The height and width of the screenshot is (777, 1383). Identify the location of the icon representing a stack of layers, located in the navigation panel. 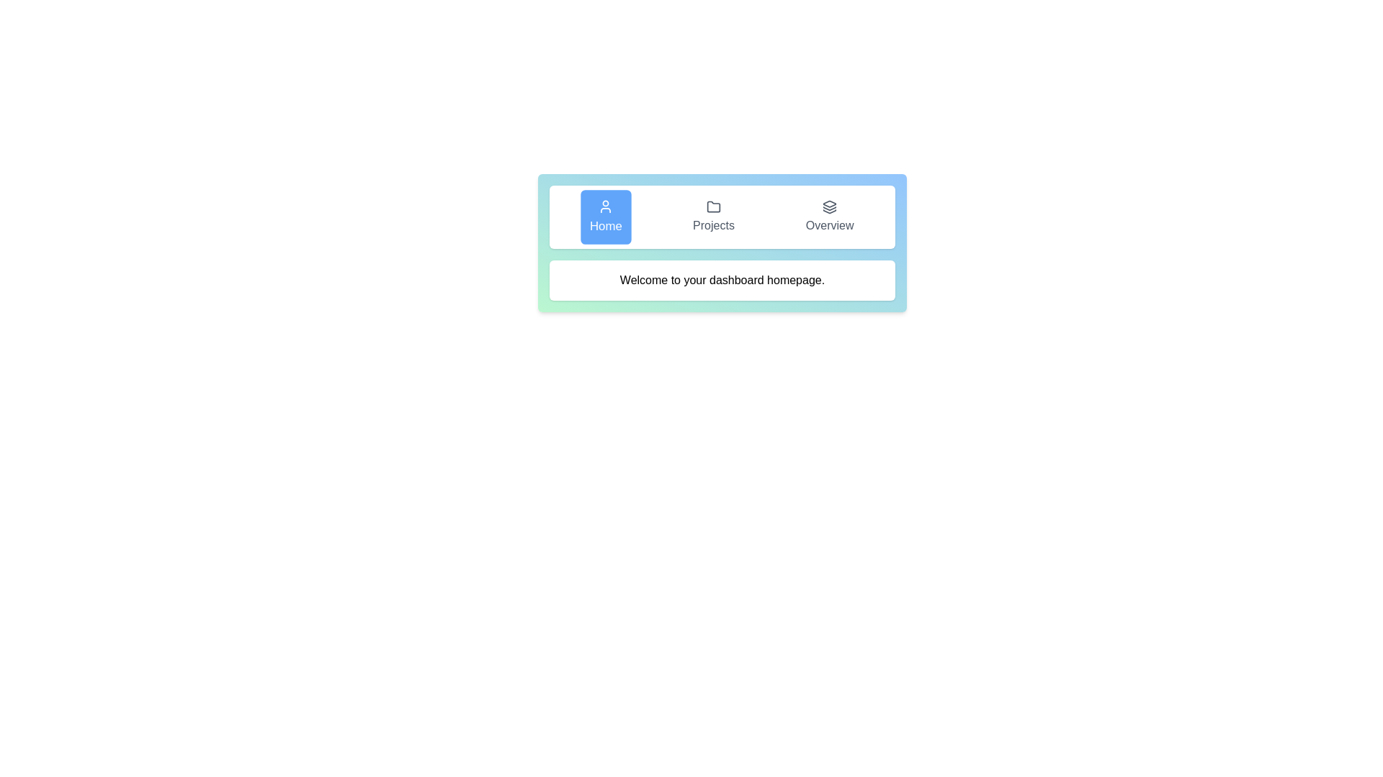
(830, 207).